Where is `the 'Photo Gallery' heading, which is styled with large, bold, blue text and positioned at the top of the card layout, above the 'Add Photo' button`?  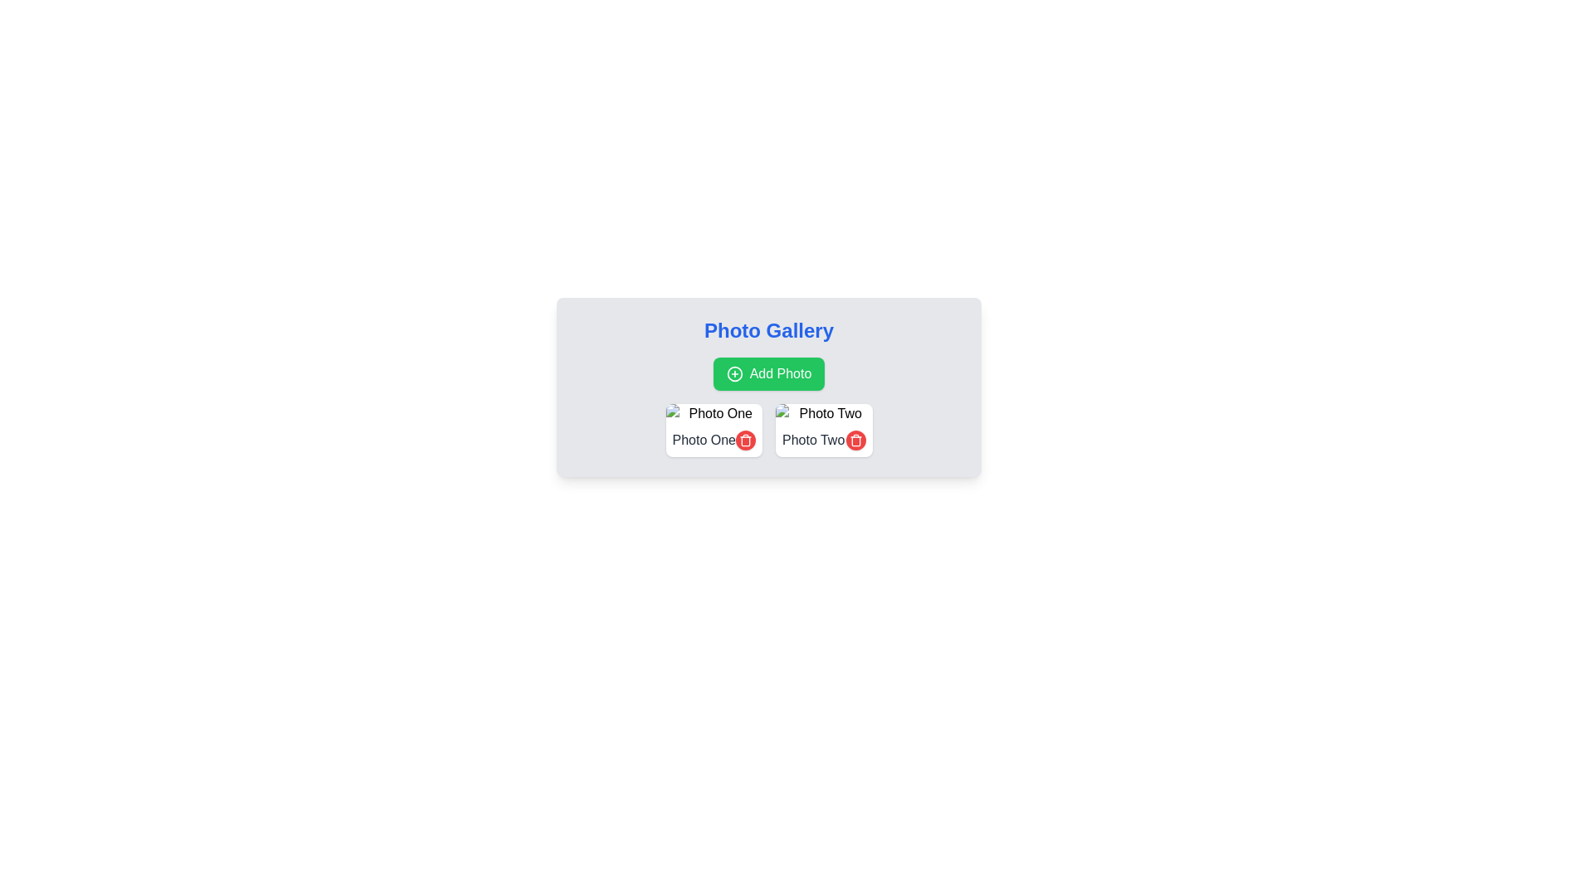 the 'Photo Gallery' heading, which is styled with large, bold, blue text and positioned at the top of the card layout, above the 'Add Photo' button is located at coordinates (767, 330).